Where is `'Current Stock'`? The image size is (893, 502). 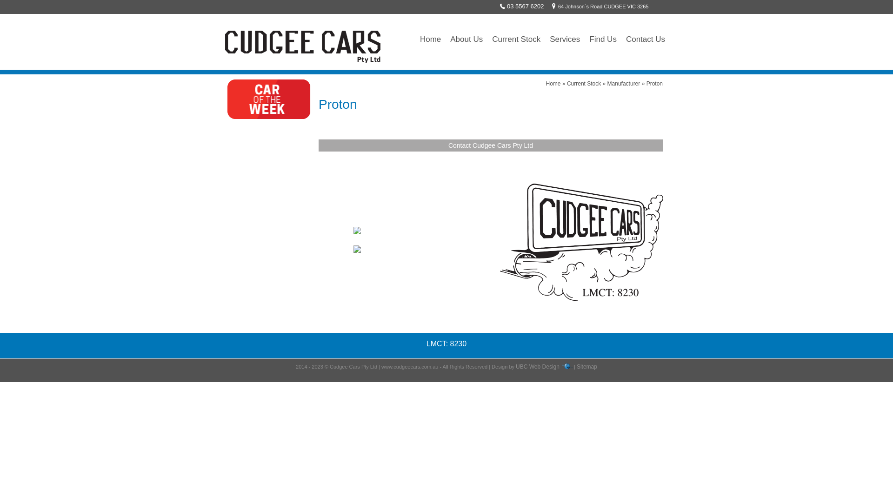 'Current Stock' is located at coordinates (566, 84).